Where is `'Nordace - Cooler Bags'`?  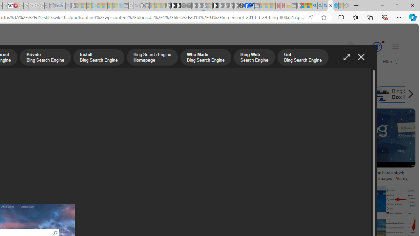 'Nordace - Cooler Bags' is located at coordinates (241, 6).